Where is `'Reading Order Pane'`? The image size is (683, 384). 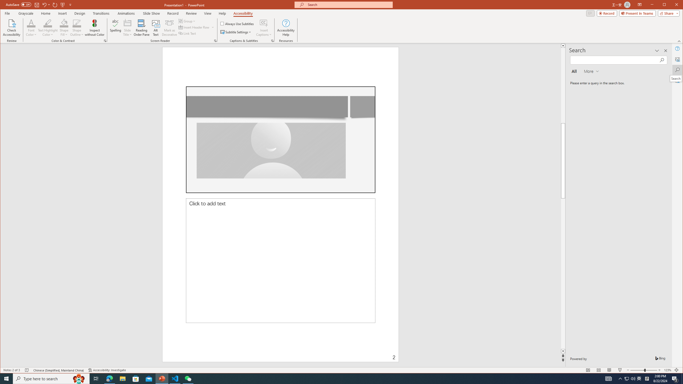 'Reading Order Pane' is located at coordinates (141, 27).